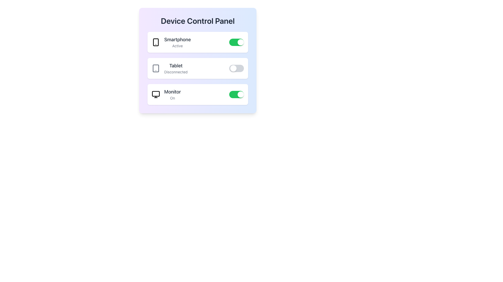 The width and height of the screenshot is (503, 282). What do you see at coordinates (177, 42) in the screenshot?
I see `text content of the label displaying 'Smartphone' and 'Active', which is located in the first item of the vertically aligned list in the 'Device Control Panel'` at bounding box center [177, 42].